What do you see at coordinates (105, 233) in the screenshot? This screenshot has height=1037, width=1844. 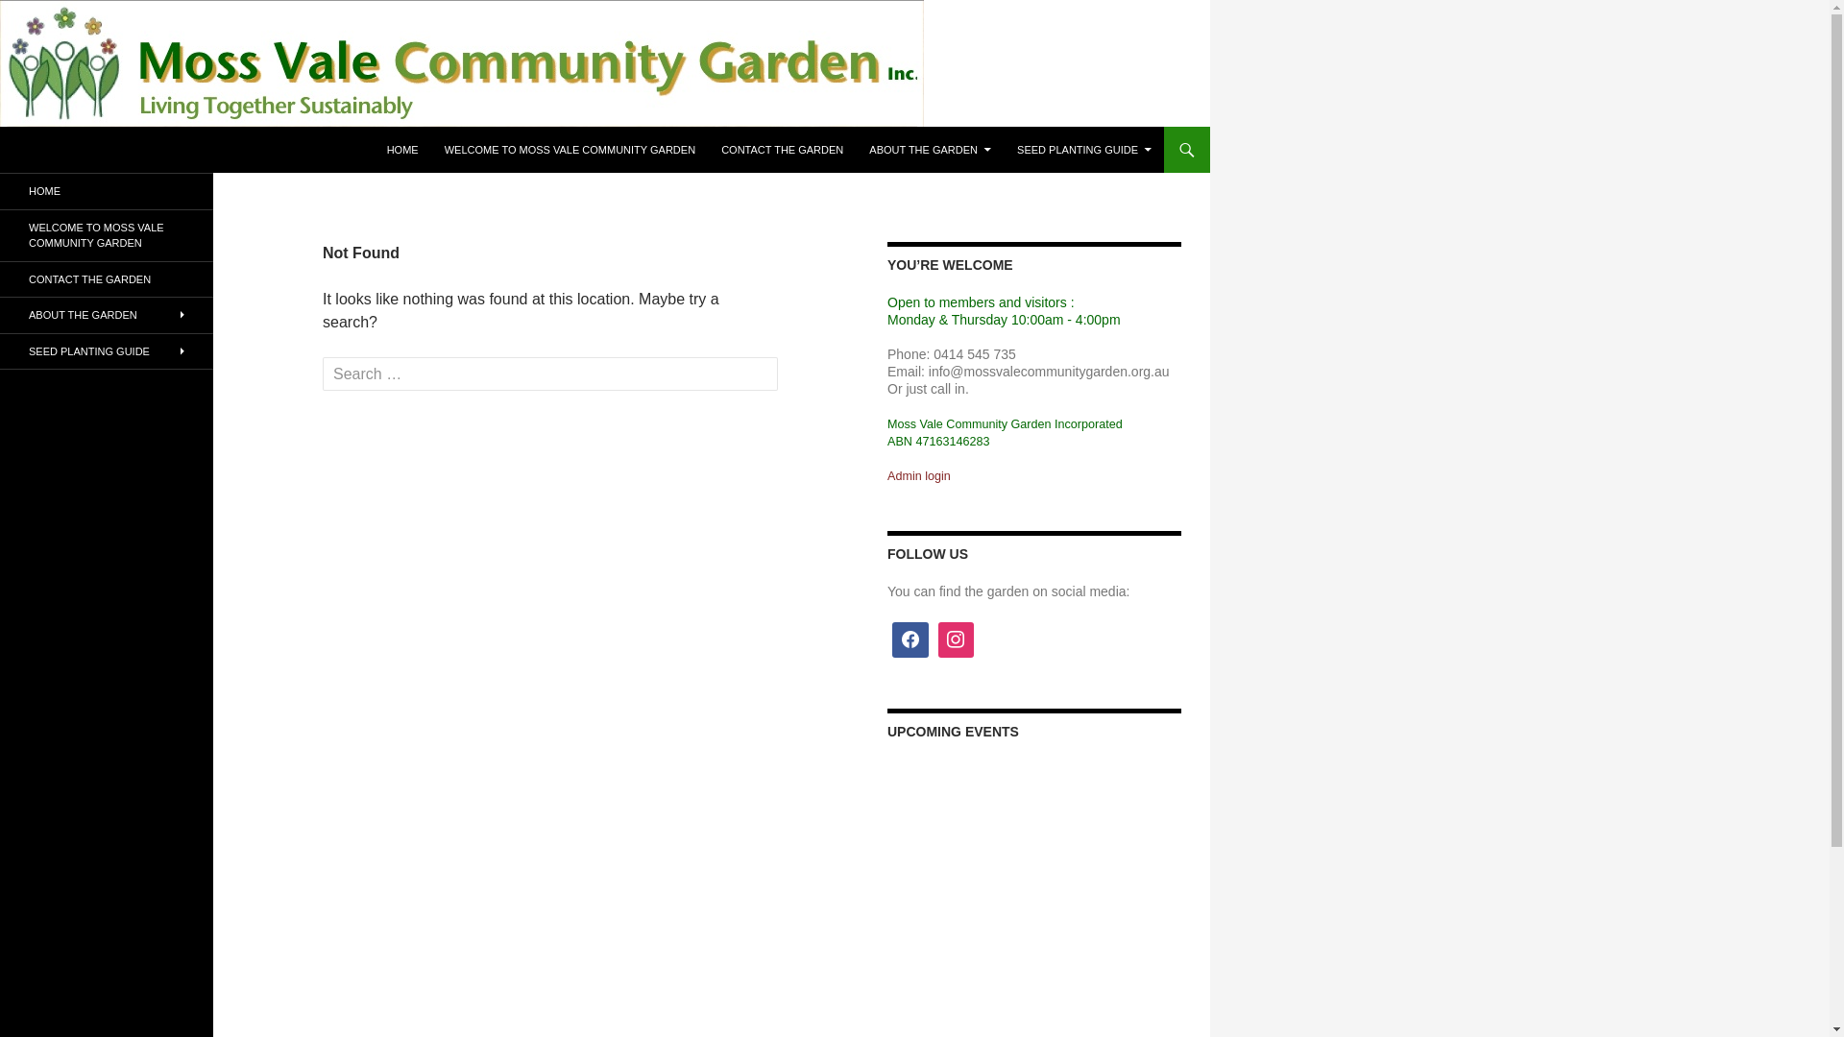 I see `'WELCOME TO MOSS VALE COMMUNITY GARDEN'` at bounding box center [105, 233].